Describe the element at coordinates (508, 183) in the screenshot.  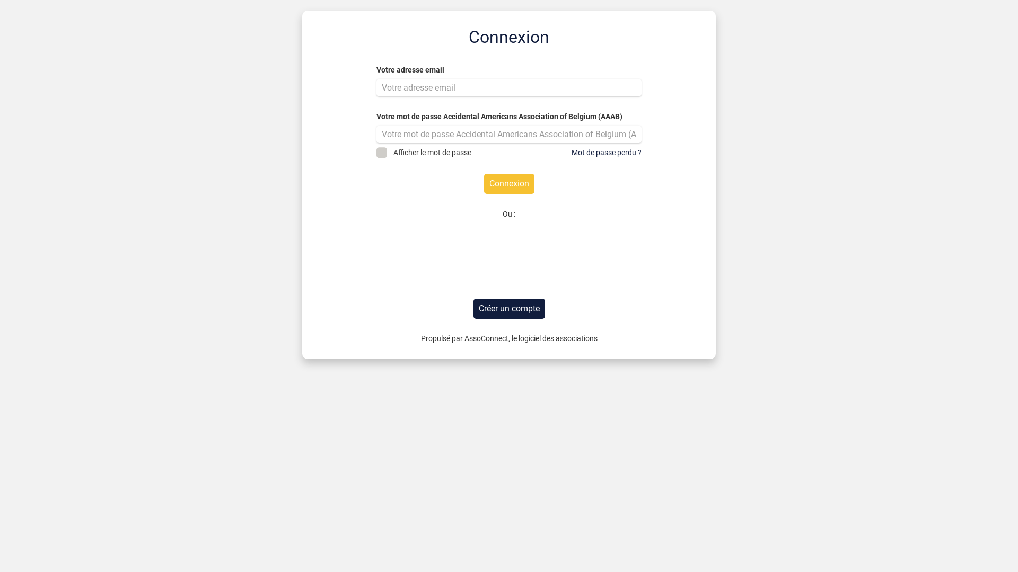
I see `'Connexion'` at that location.